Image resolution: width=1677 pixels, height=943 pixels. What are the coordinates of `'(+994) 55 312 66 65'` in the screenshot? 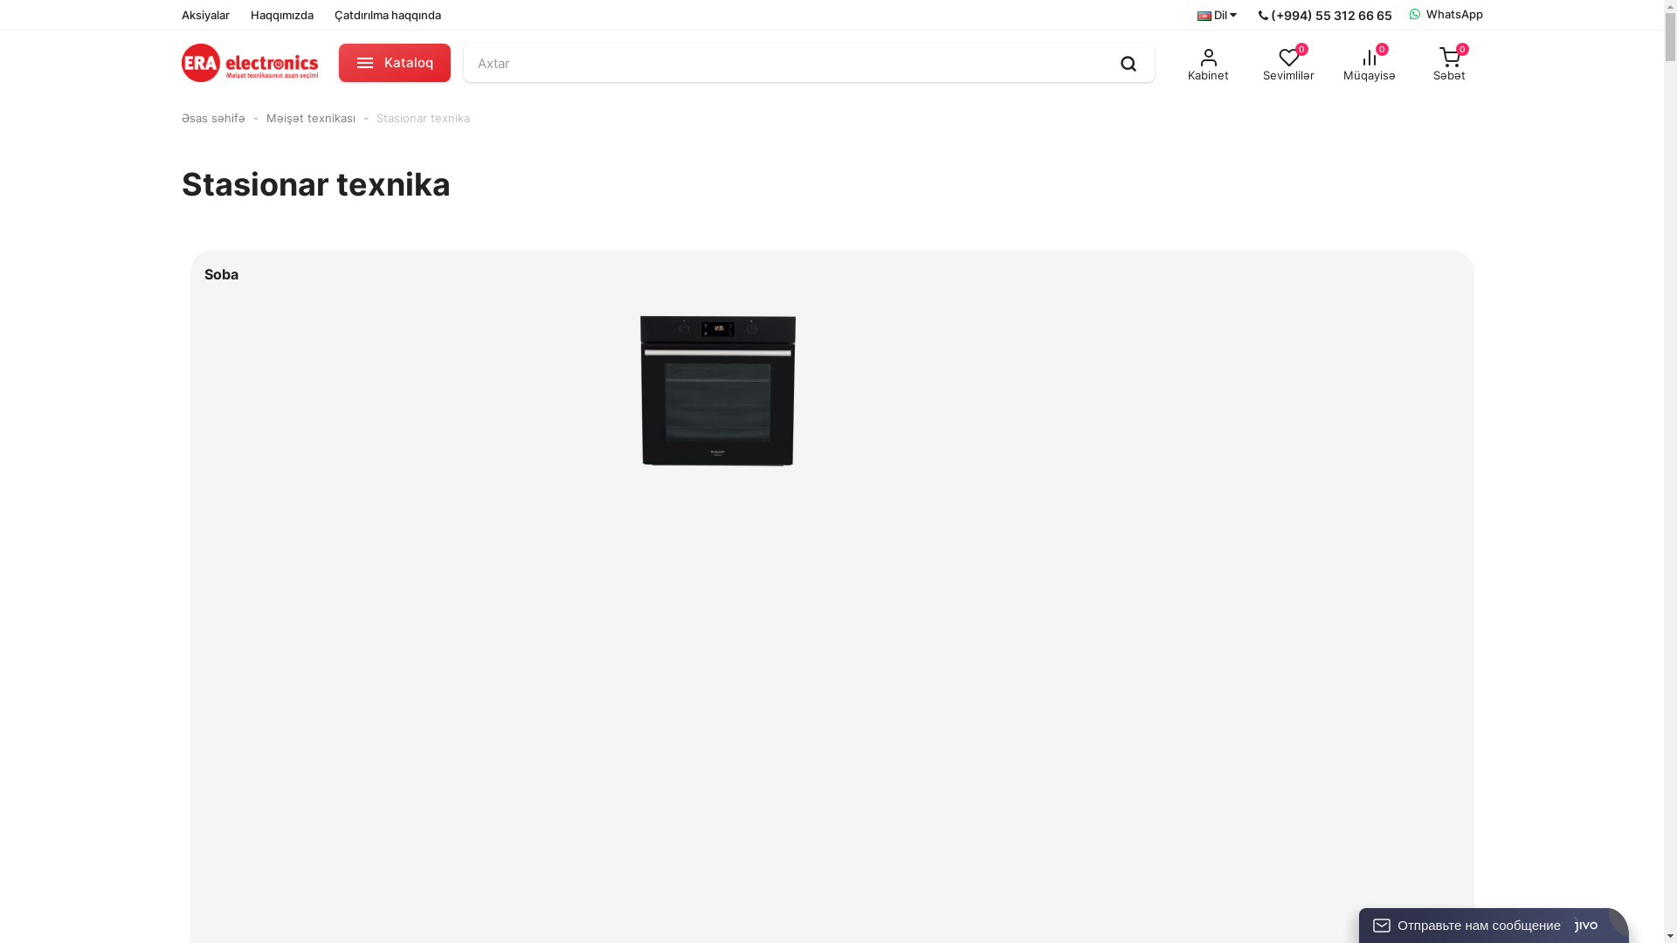 It's located at (1258, 14).